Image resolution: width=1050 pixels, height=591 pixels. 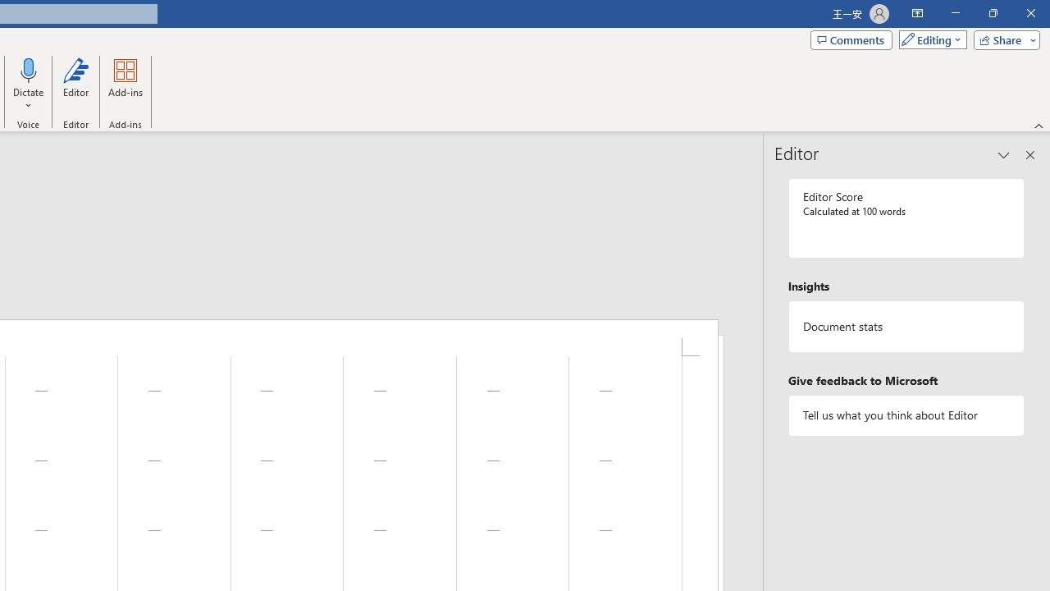 What do you see at coordinates (75, 85) in the screenshot?
I see `'Editor'` at bounding box center [75, 85].